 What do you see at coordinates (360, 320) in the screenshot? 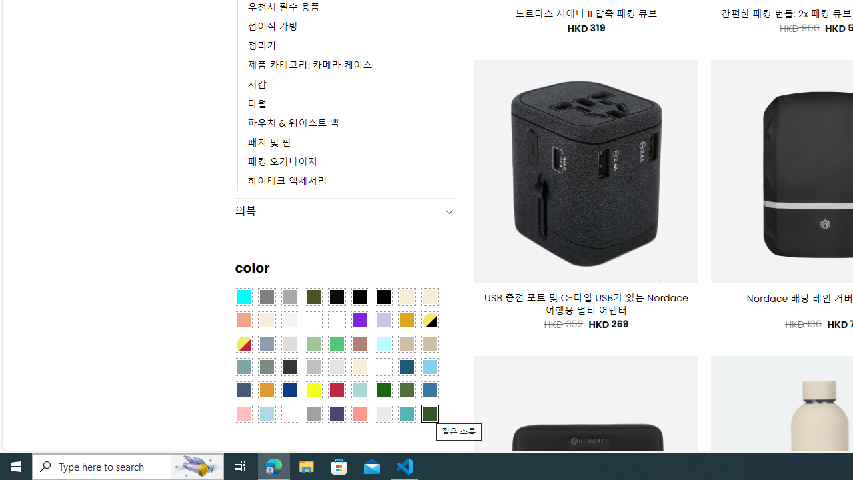
I see `'Purple'` at bounding box center [360, 320].